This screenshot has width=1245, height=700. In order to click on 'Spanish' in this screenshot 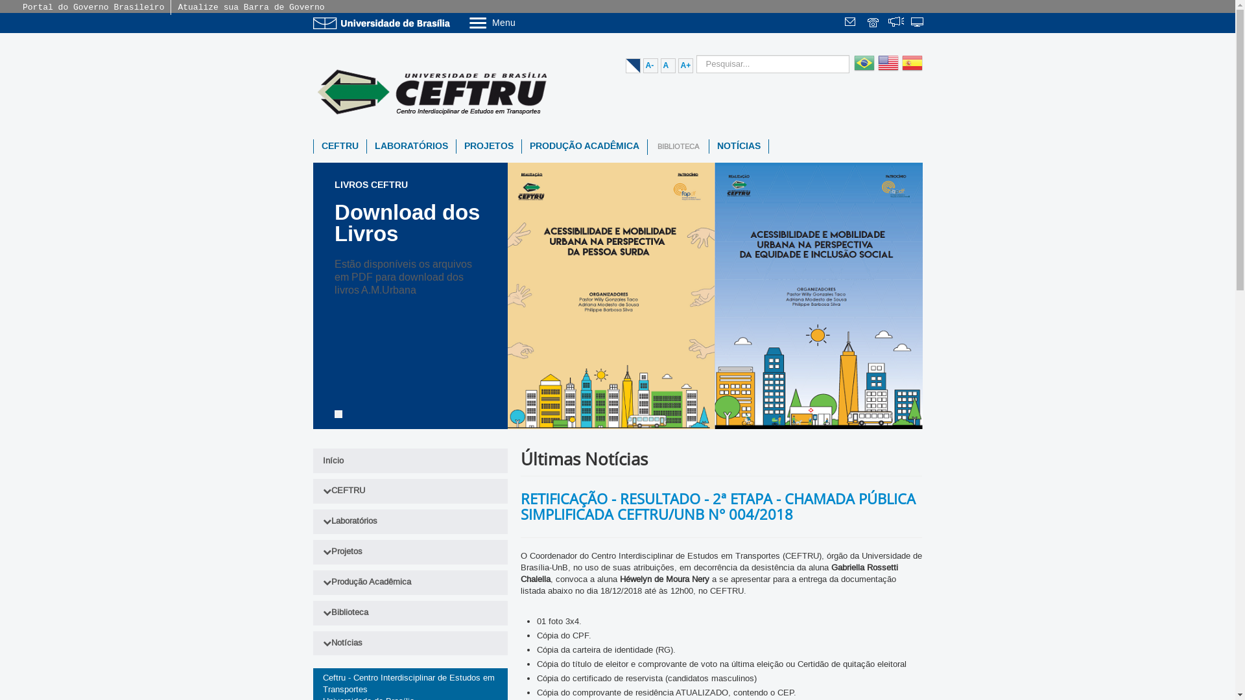, I will do `click(910, 70)`.